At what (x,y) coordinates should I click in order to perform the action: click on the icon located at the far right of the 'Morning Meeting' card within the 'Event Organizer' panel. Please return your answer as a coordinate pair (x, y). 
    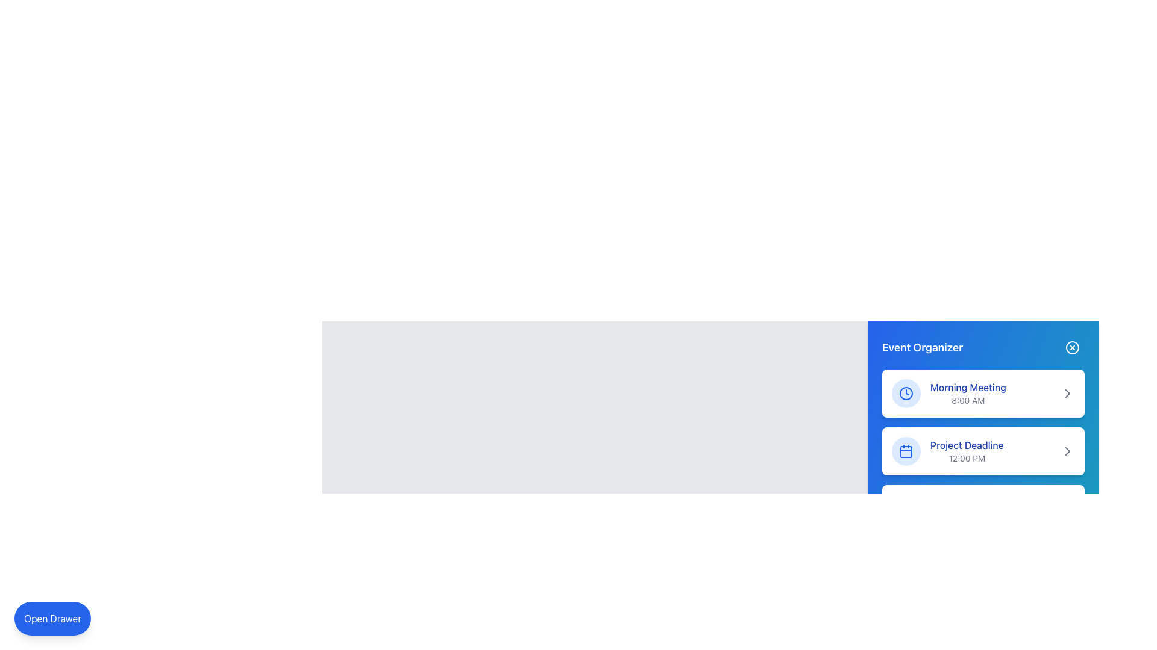
    Looking at the image, I should click on (1067, 394).